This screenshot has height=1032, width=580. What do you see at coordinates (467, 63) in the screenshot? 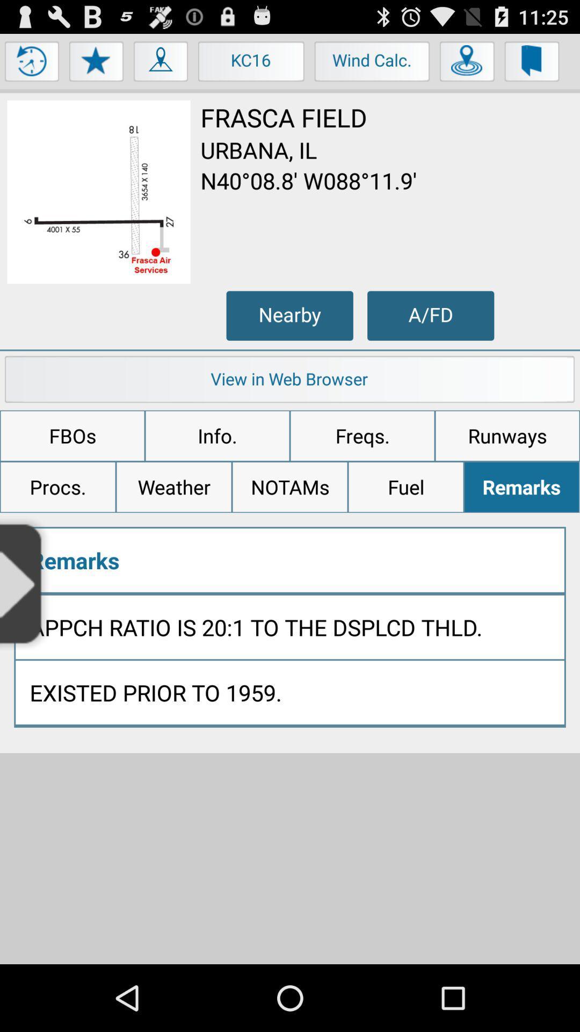
I see `location` at bounding box center [467, 63].